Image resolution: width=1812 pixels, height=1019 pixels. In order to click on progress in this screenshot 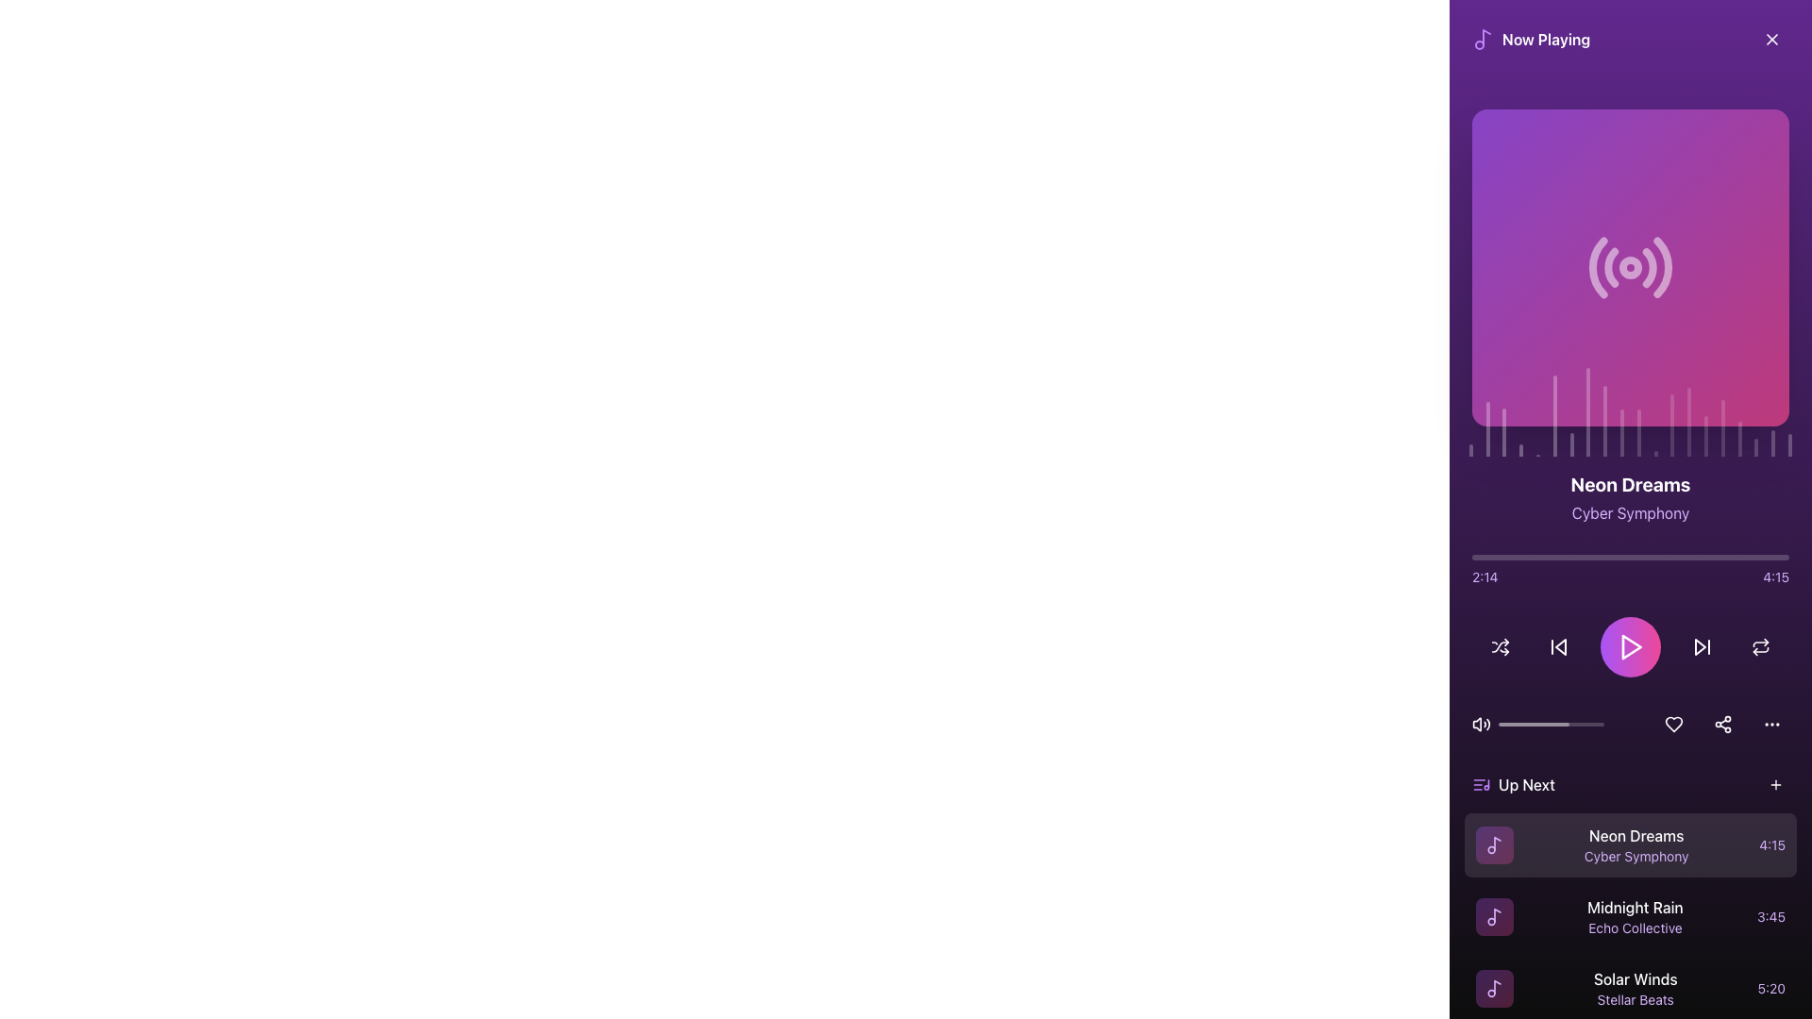, I will do `click(1638, 556)`.